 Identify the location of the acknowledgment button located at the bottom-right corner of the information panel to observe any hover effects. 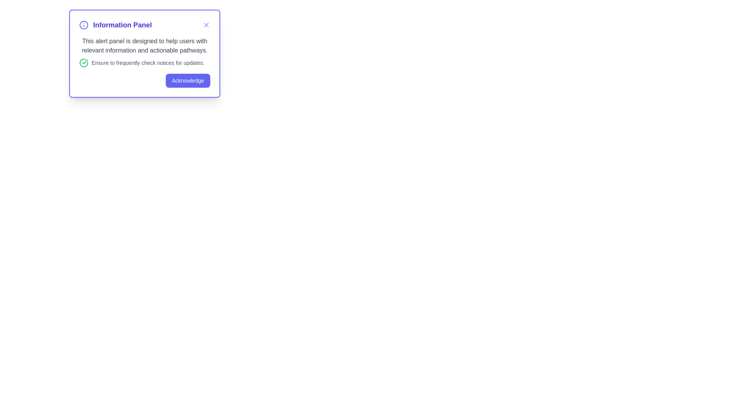
(188, 80).